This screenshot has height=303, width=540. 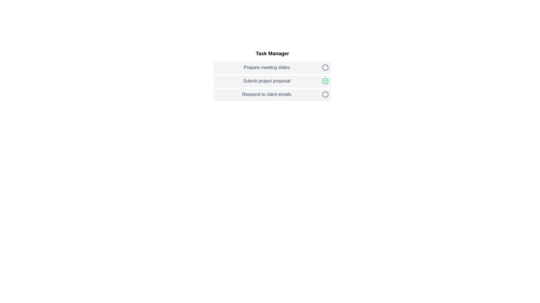 What do you see at coordinates (266, 67) in the screenshot?
I see `the text label that says 'Prepare meeting slides', which is styled in gray font and is the first entry in the task management interface below the 'Task Manager' header` at bounding box center [266, 67].